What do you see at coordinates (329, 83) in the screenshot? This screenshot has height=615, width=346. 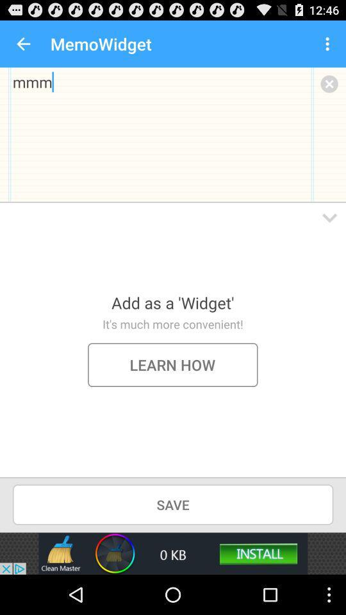 I see `memo` at bounding box center [329, 83].